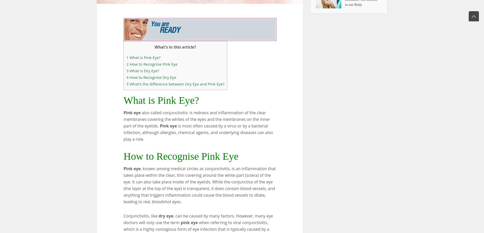 Image resolution: width=484 pixels, height=233 pixels. Describe the element at coordinates (127, 84) in the screenshot. I see `'5'` at that location.